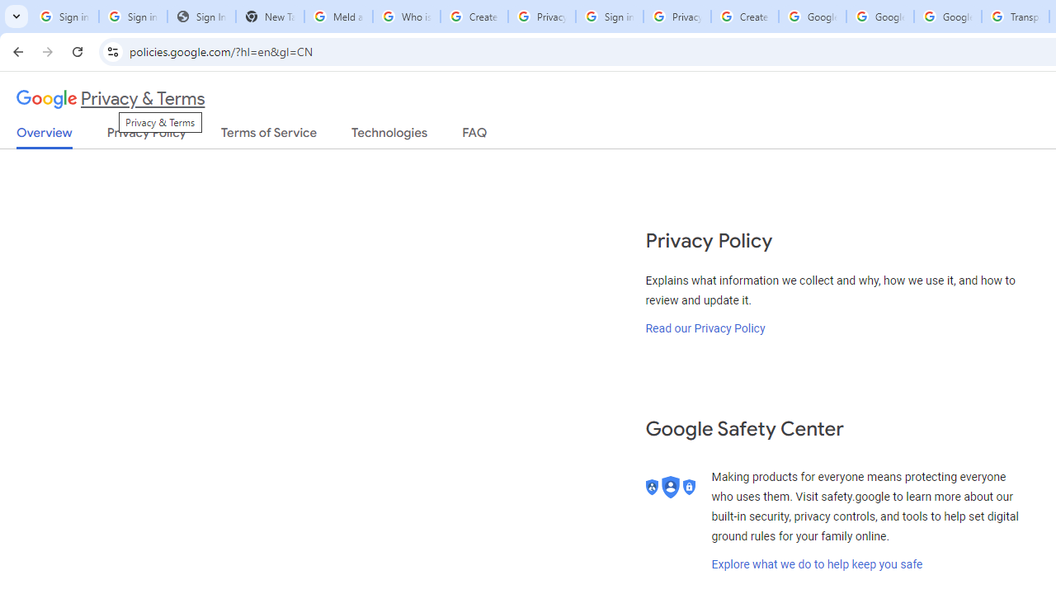  I want to click on 'Who is my administrator? - Google Account Help', so click(406, 16).